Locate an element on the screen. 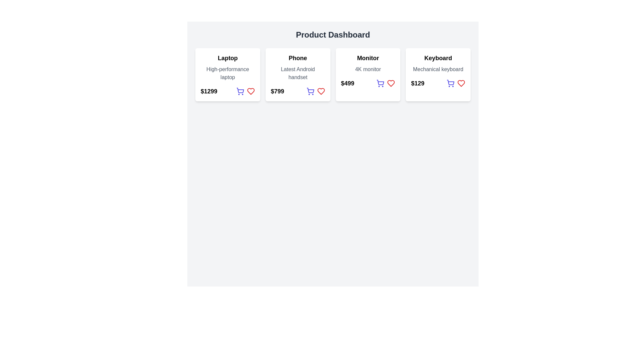  the bold-styled static text element displaying the price '$499' located in the third product card from the left, under the 'Monitor' header is located at coordinates (347, 83).